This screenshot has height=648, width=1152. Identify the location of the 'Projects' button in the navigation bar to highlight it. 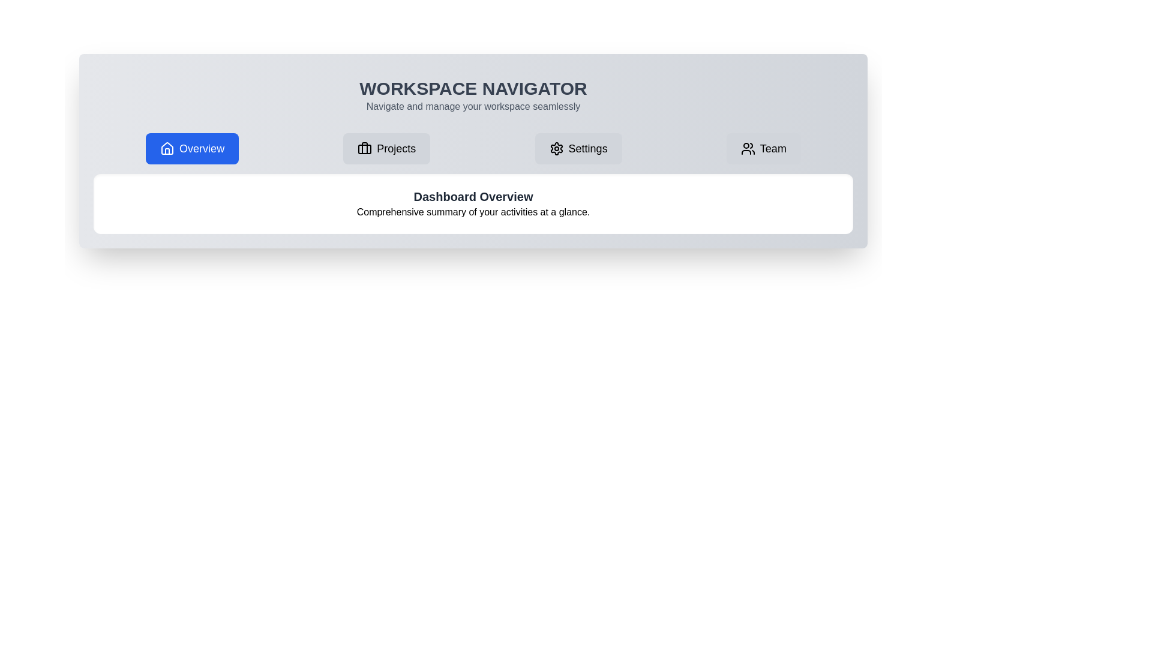
(386, 148).